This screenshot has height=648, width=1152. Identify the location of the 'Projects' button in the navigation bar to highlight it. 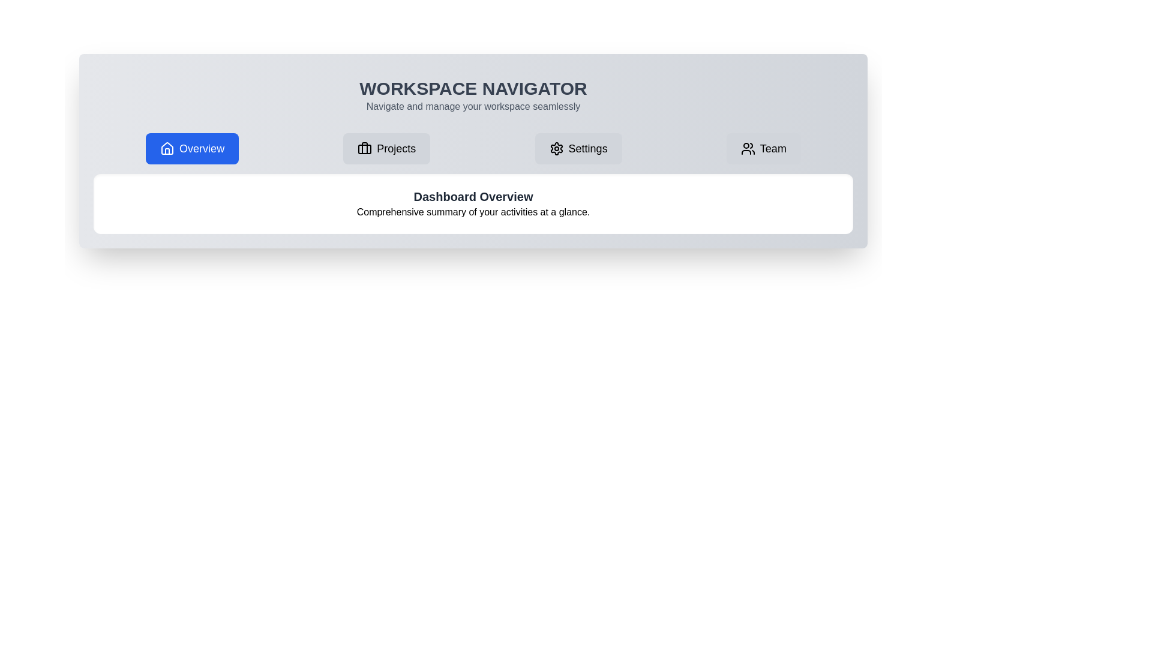
(386, 148).